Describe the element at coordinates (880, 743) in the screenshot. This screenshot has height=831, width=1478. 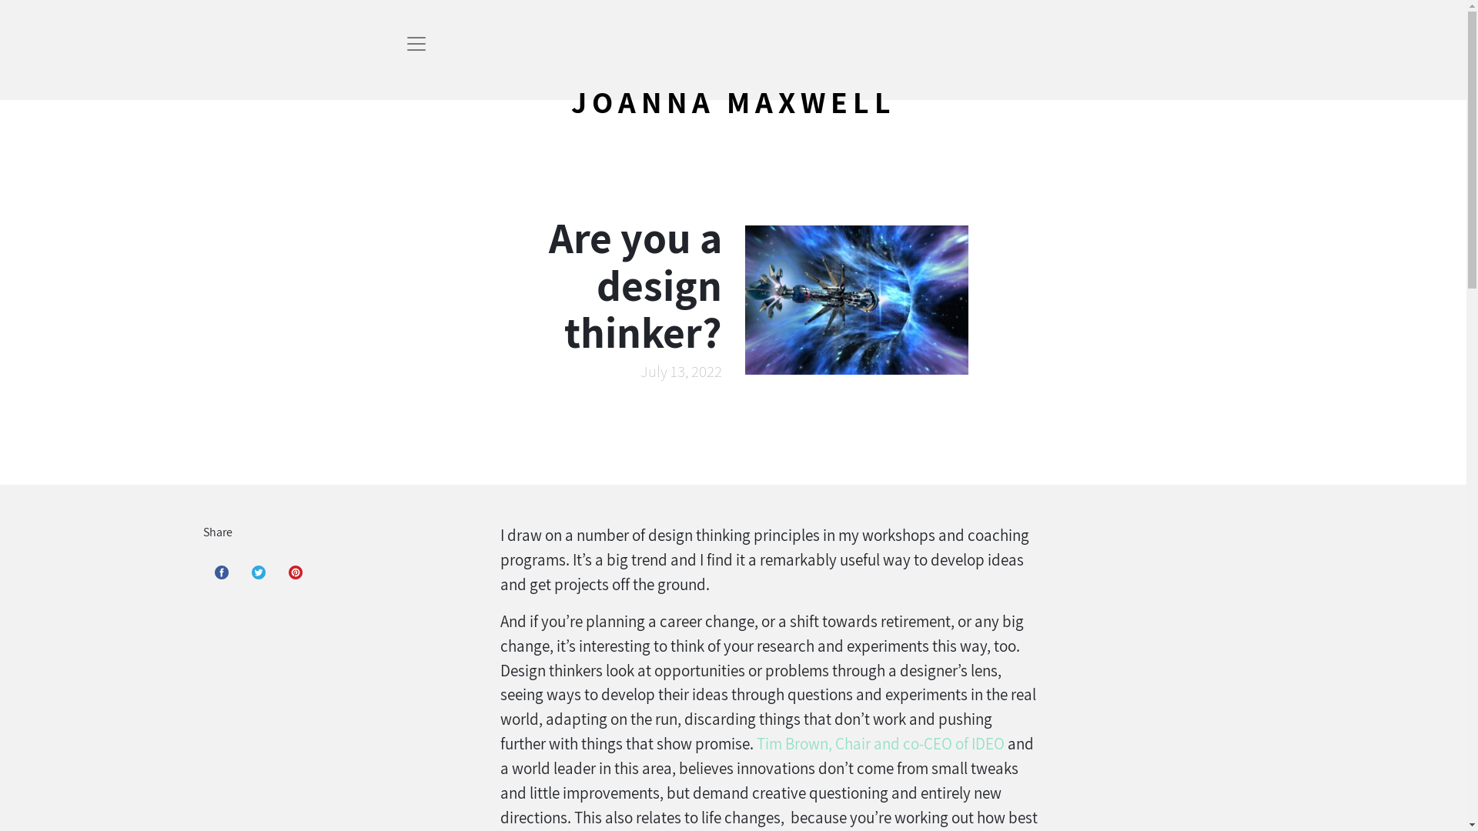
I see `'Tim Brown, Chair and co-CEO of IDEO'` at that location.